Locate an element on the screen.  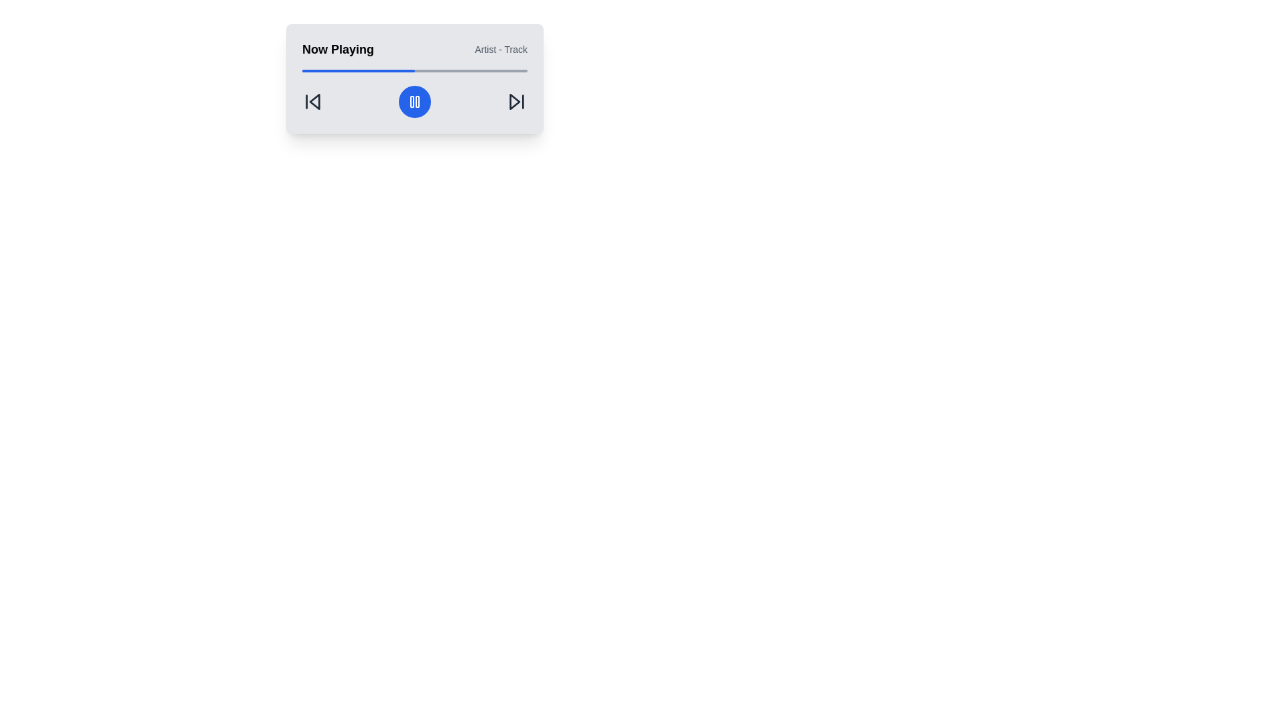
the forward skip button, which is the fourth item in the horizontal sequence of controls is located at coordinates (516, 101).